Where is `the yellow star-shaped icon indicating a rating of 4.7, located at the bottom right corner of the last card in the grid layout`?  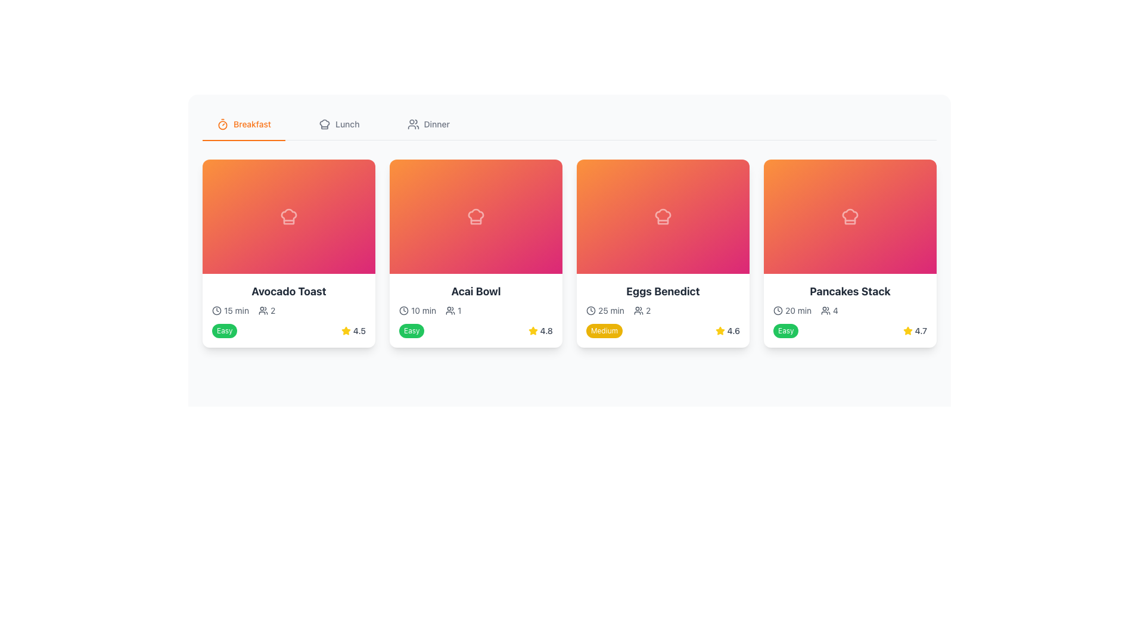
the yellow star-shaped icon indicating a rating of 4.7, located at the bottom right corner of the last card in the grid layout is located at coordinates (907, 330).